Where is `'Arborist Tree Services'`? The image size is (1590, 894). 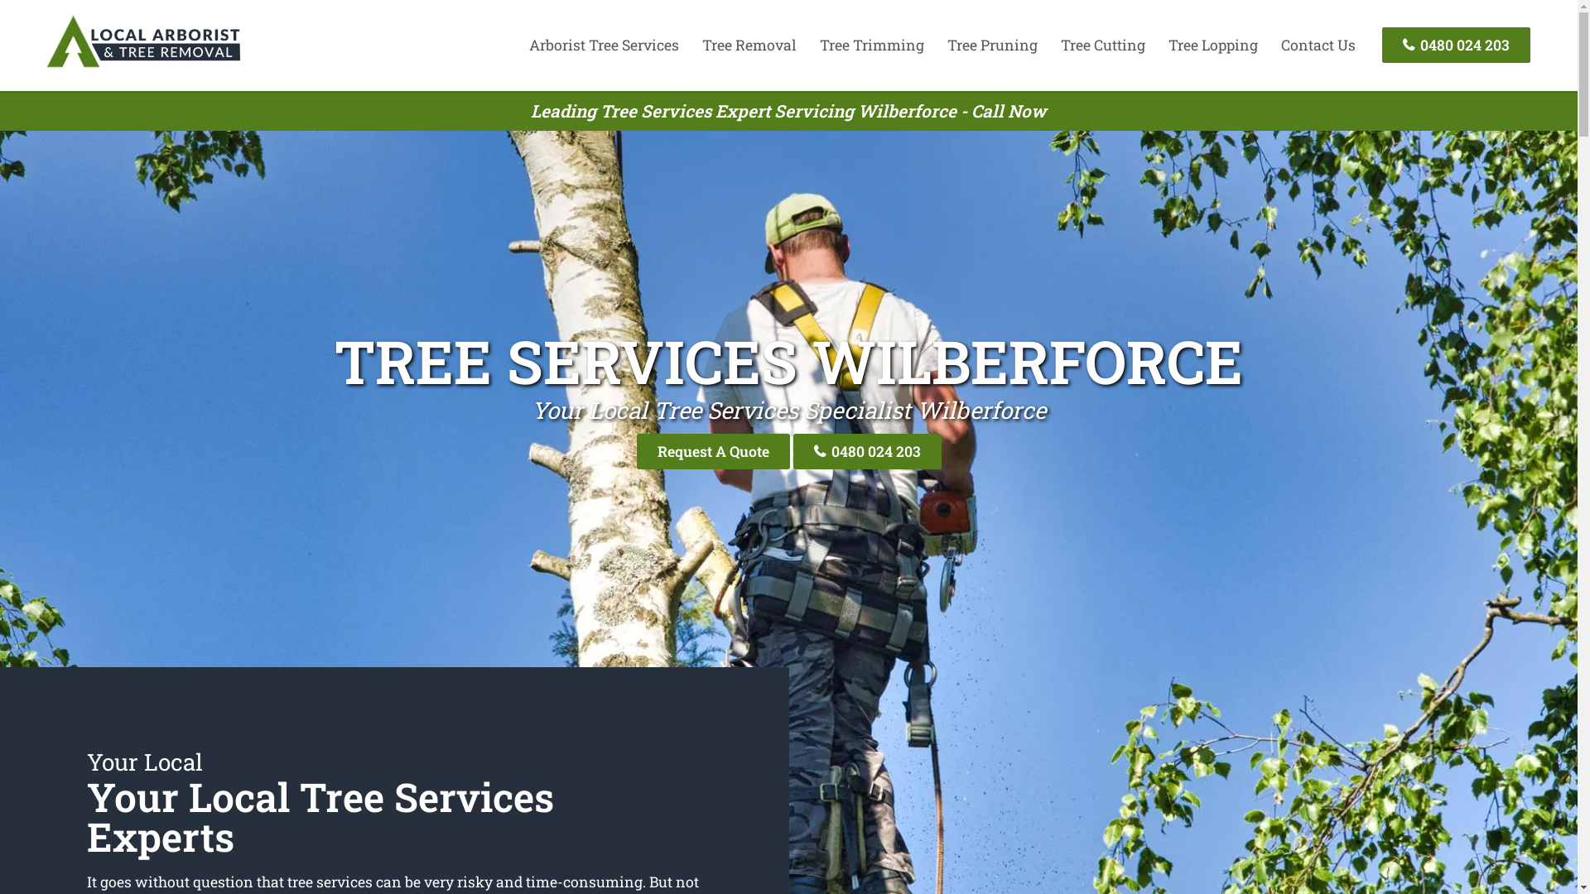 'Arborist Tree Services' is located at coordinates (603, 44).